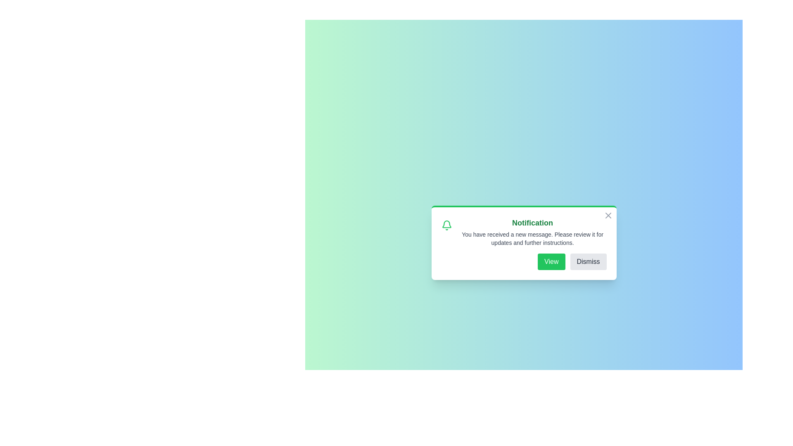  I want to click on the close button (X) to dismiss the alert, so click(608, 215).